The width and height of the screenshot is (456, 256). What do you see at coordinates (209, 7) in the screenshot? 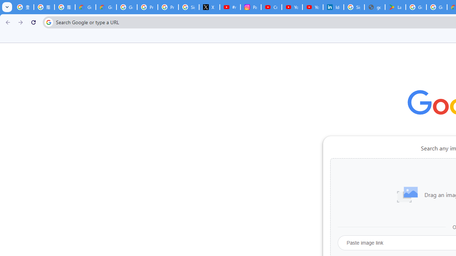
I see `'X'` at bounding box center [209, 7].